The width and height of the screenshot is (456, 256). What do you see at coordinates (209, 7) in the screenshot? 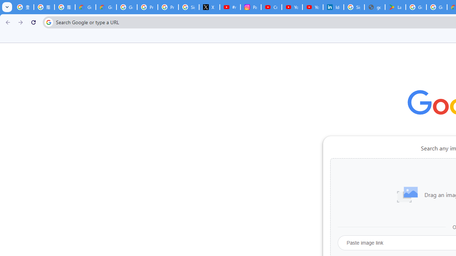
I see `'X'` at bounding box center [209, 7].